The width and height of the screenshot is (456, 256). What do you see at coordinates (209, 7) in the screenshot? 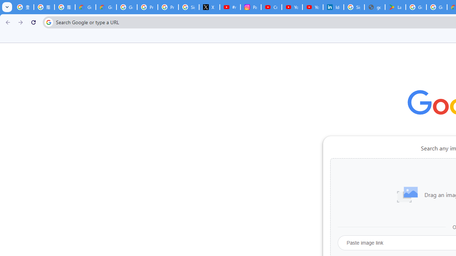
I see `'X'` at bounding box center [209, 7].